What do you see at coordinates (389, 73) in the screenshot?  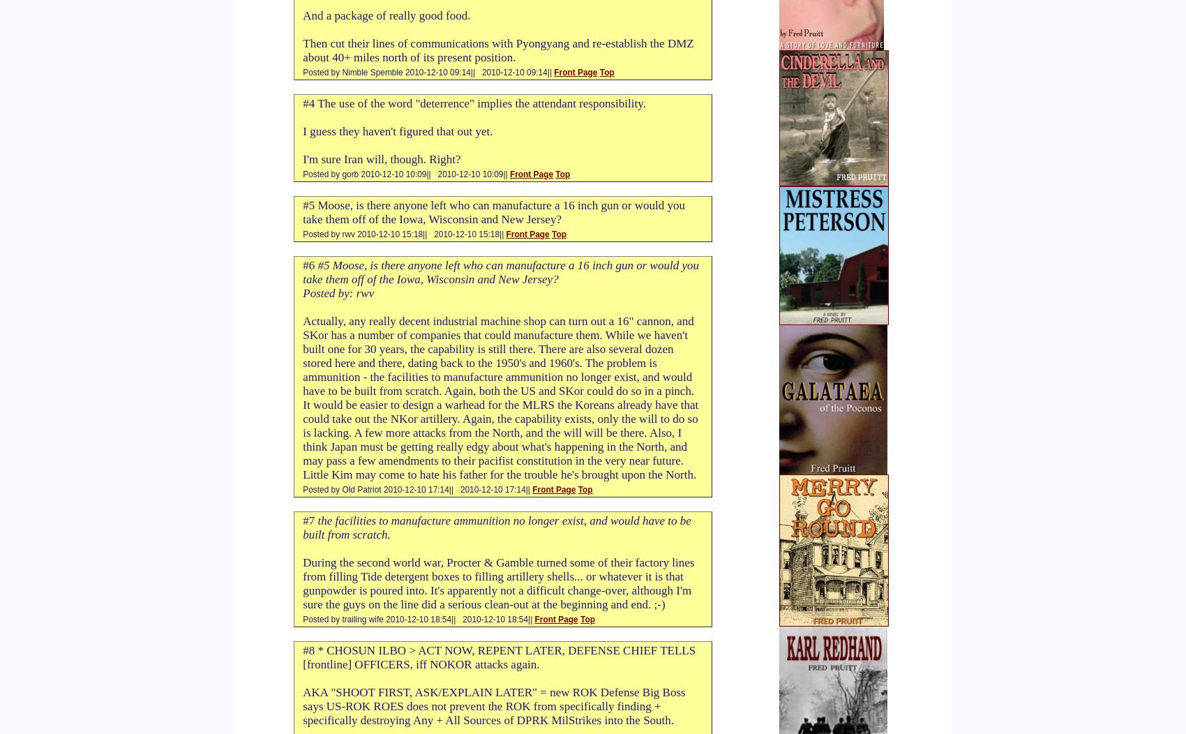 I see `'Posted by Nimble Spemble 2010-12-10 09:14||'` at bounding box center [389, 73].